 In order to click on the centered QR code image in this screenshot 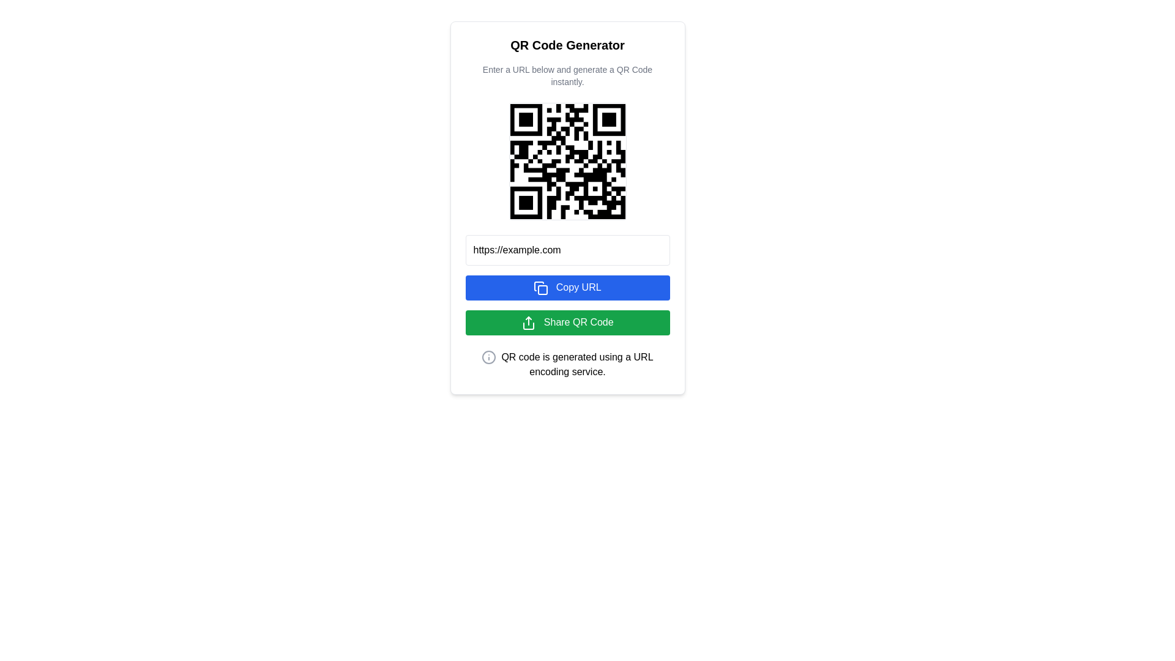, I will do `click(567, 160)`.